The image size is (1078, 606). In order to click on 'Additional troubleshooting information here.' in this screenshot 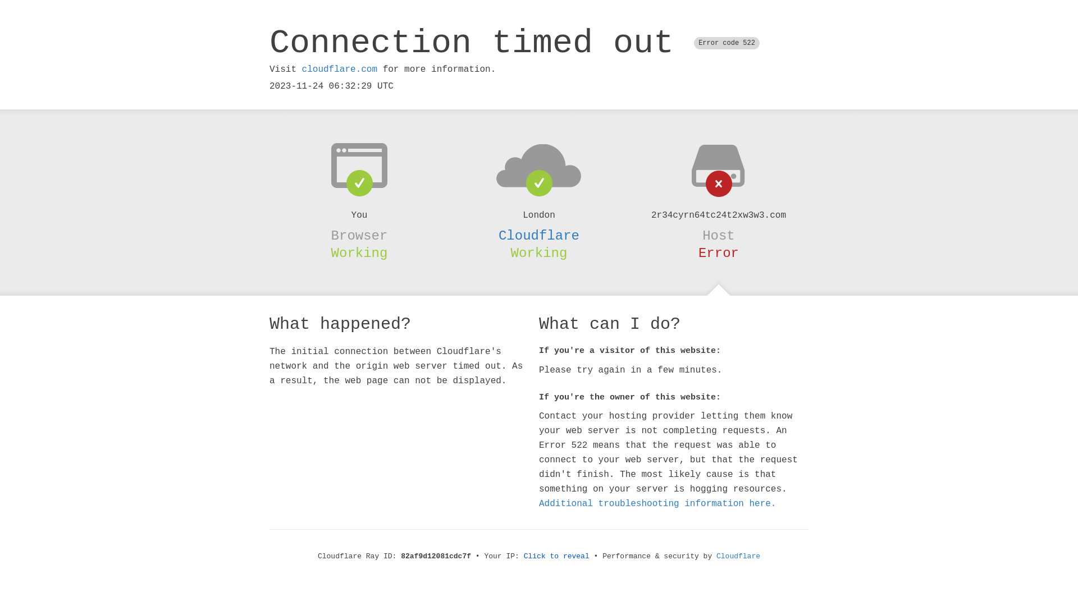, I will do `click(657, 503)`.